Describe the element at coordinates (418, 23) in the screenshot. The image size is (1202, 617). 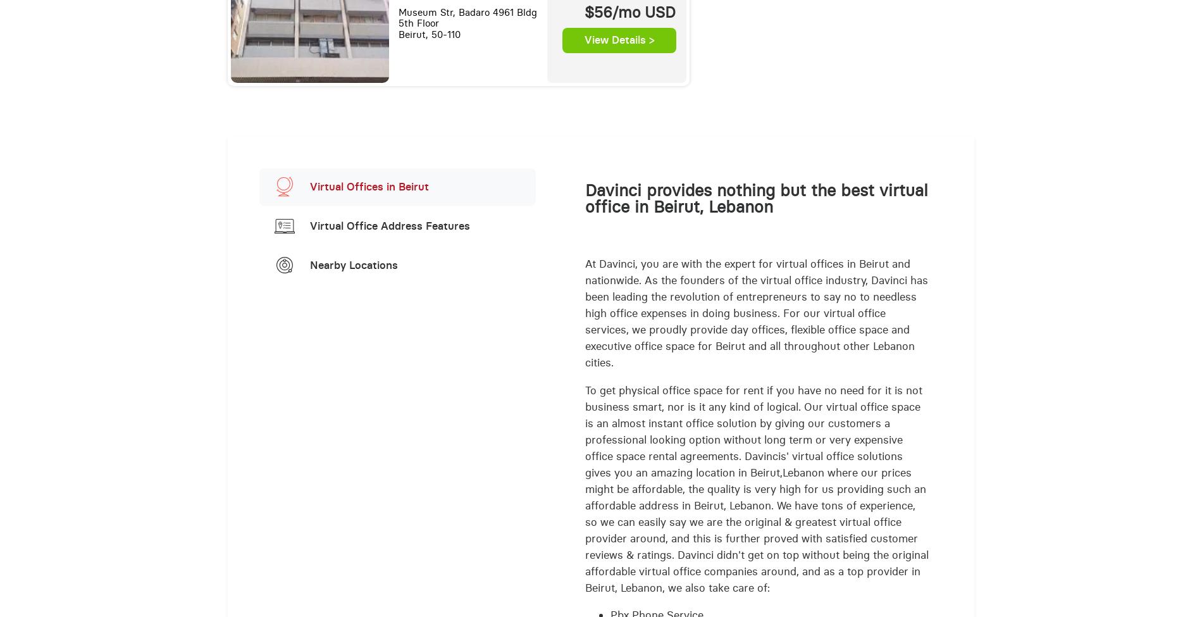
I see `'5th Floor'` at that location.